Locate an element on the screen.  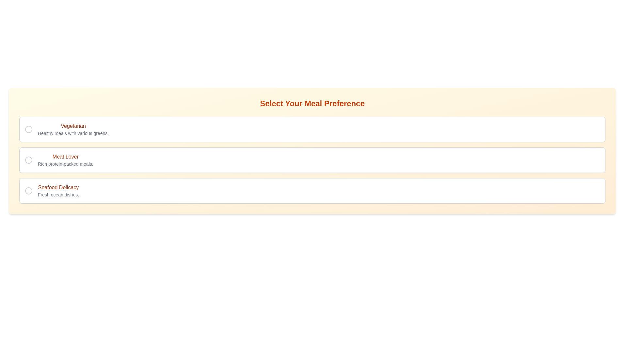
the 'Meat Lover' List Item Label, which is styled in medium-weight orange font and is the second option in a vertical list of options is located at coordinates (65, 160).